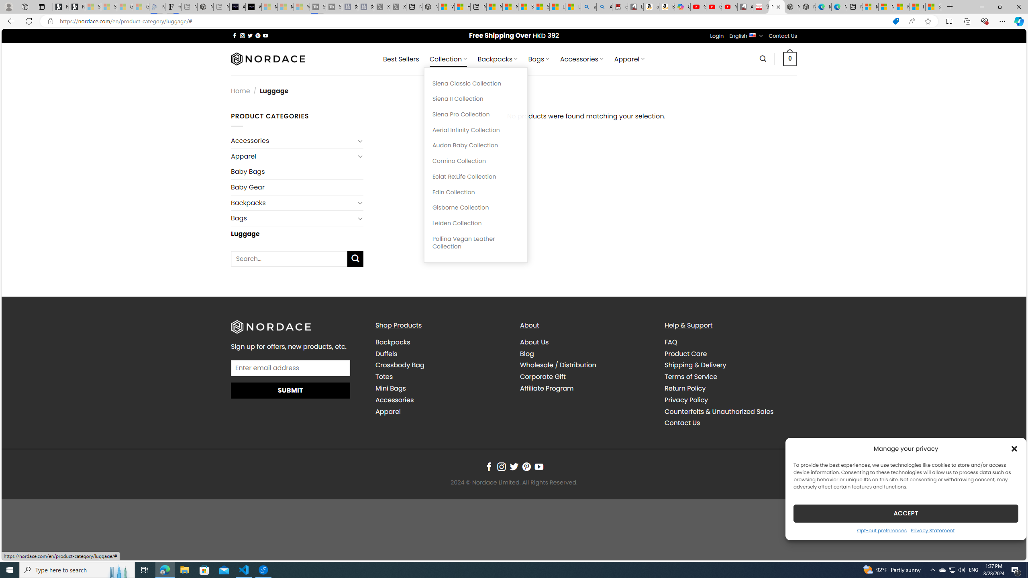  I want to click on 'Siena Pro Collection', so click(475, 114).